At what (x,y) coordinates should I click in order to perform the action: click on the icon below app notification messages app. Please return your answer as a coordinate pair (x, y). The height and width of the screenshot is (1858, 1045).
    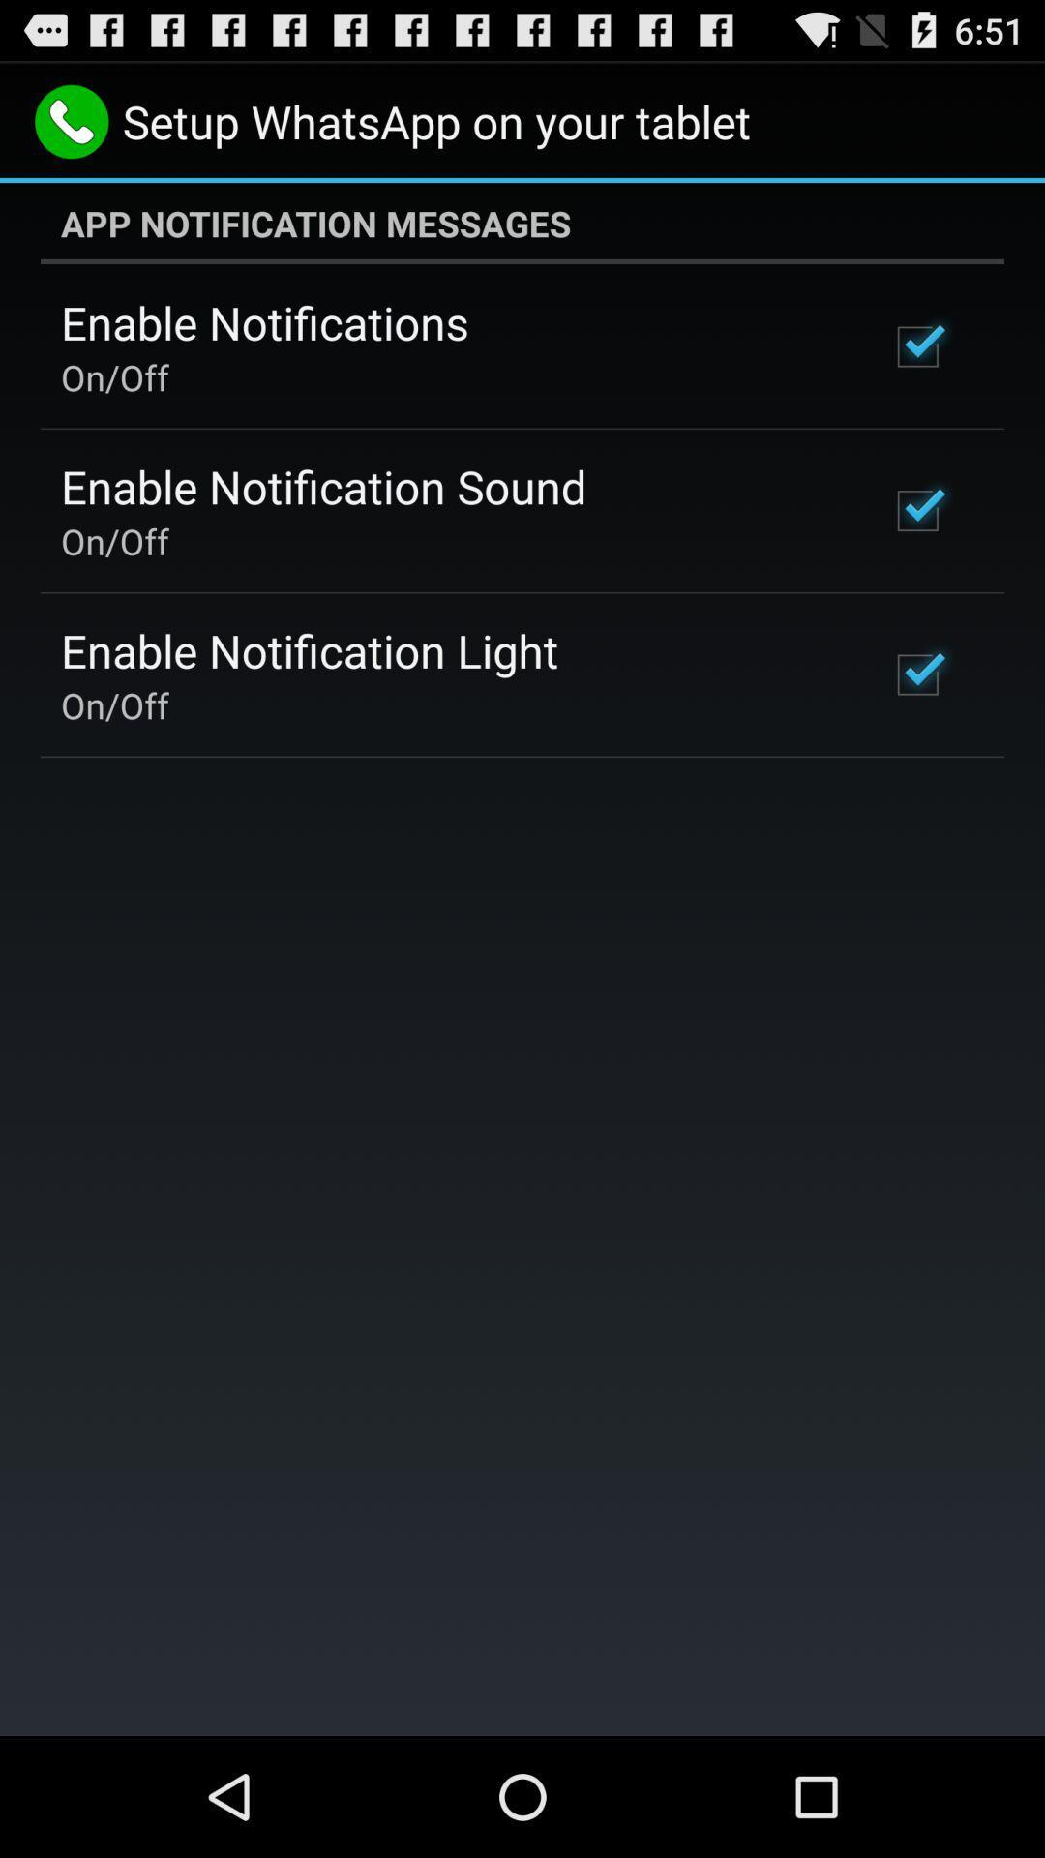
    Looking at the image, I should click on (264, 322).